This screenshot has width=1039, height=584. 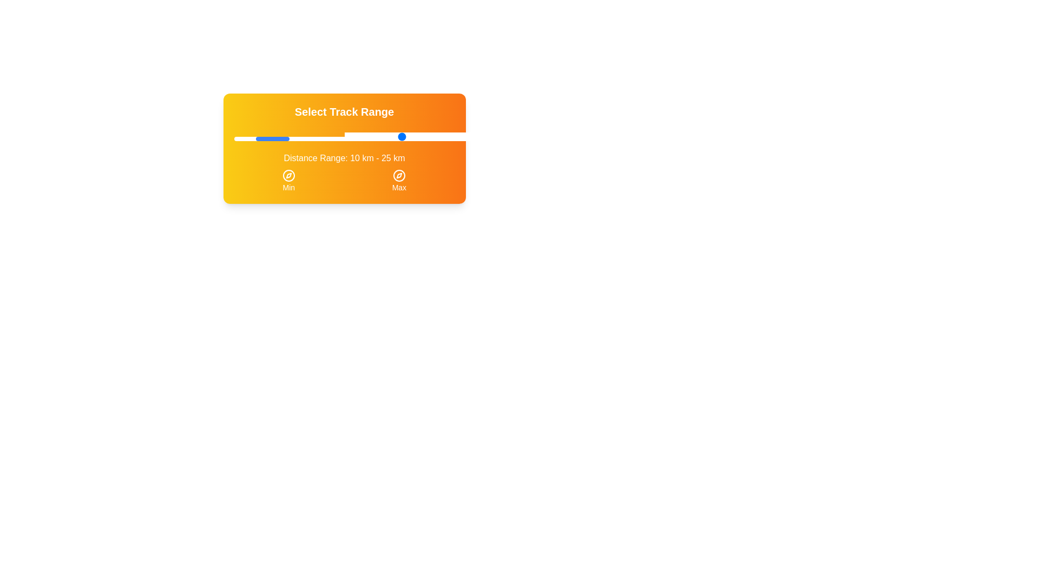 What do you see at coordinates (398, 175) in the screenshot?
I see `the icon located in the lower right corner of the orange card, which is associated with the 'Max' label and positioned above the text 'Max'` at bounding box center [398, 175].